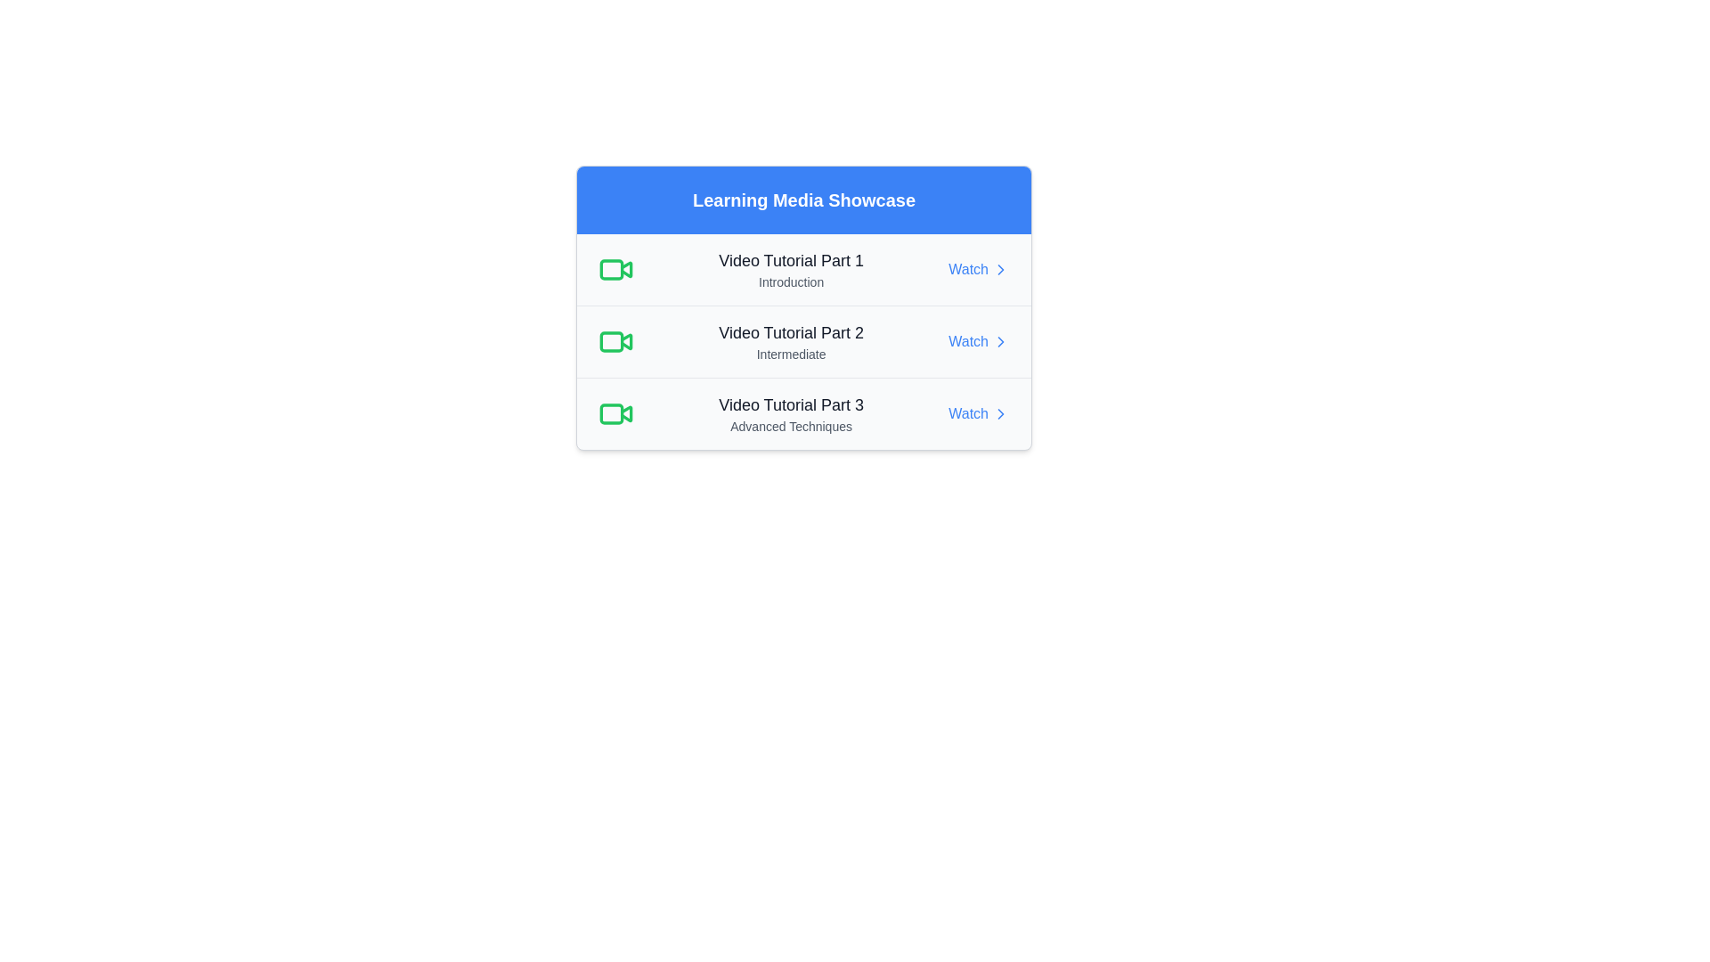 This screenshot has height=962, width=1710. What do you see at coordinates (615, 414) in the screenshot?
I see `the green video camera icon located to the left of the text 'Video Tutorial Part 3' and above the 'Watch' link` at bounding box center [615, 414].